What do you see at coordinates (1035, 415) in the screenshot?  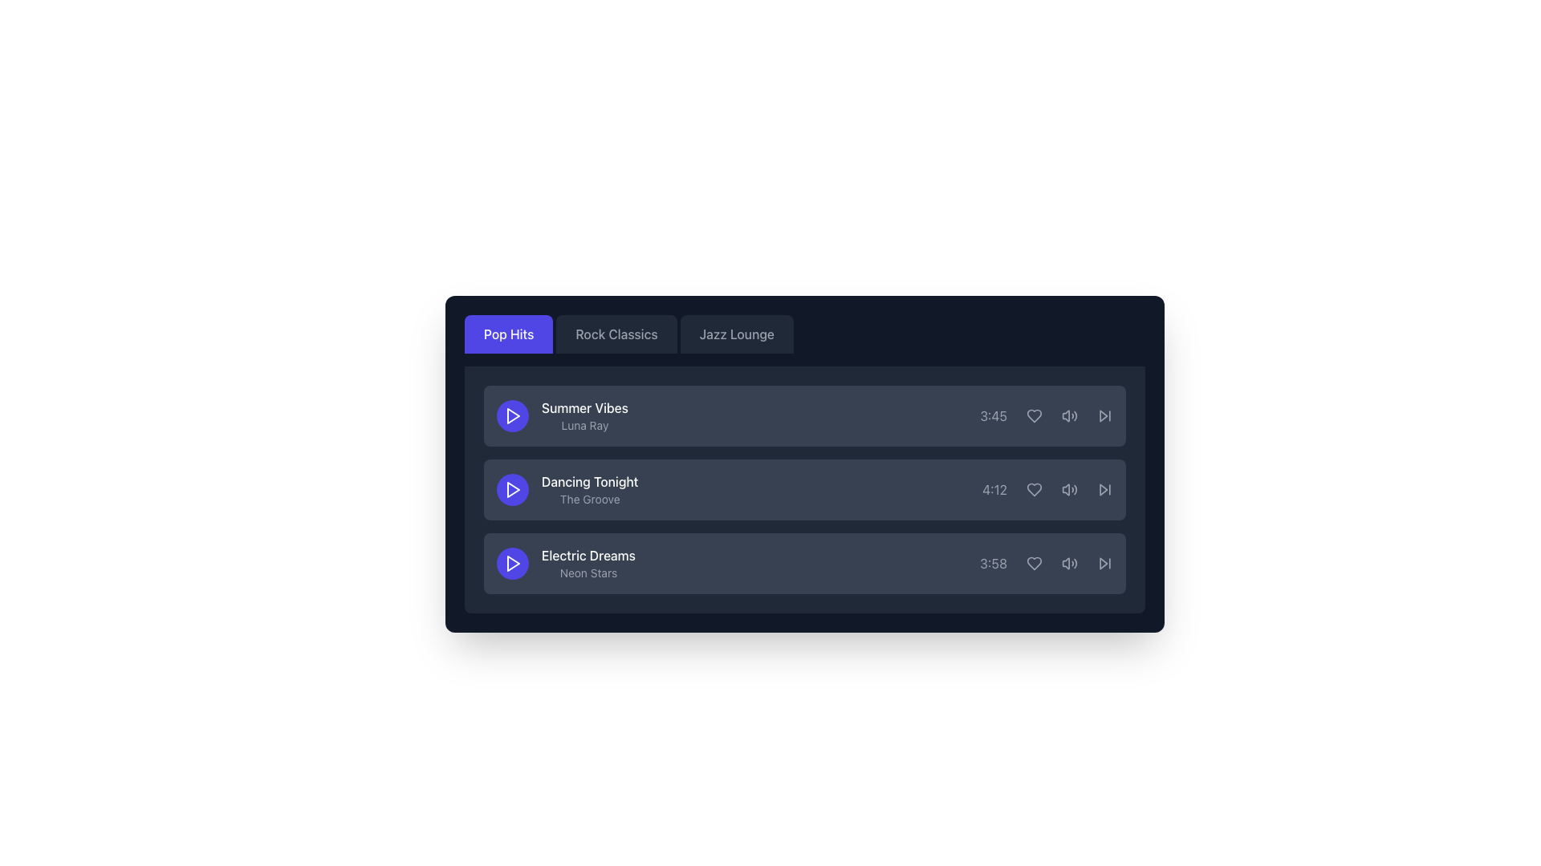 I see `the heart-shaped icon located to the right of the duration label '3:45' in the first row of the song list` at bounding box center [1035, 415].